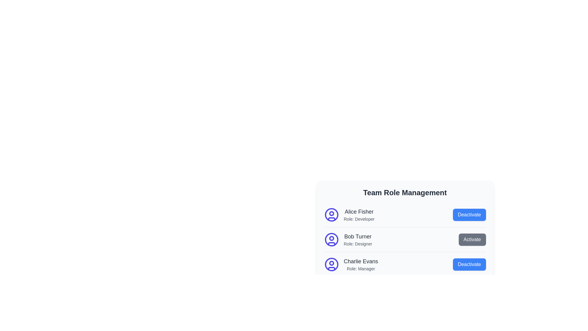 The image size is (588, 331). I want to click on the Text Label displaying 'Role: Designer', which is styled in gray and positioned below the name 'Bob Turner' in the Team Role Management list, so click(358, 243).